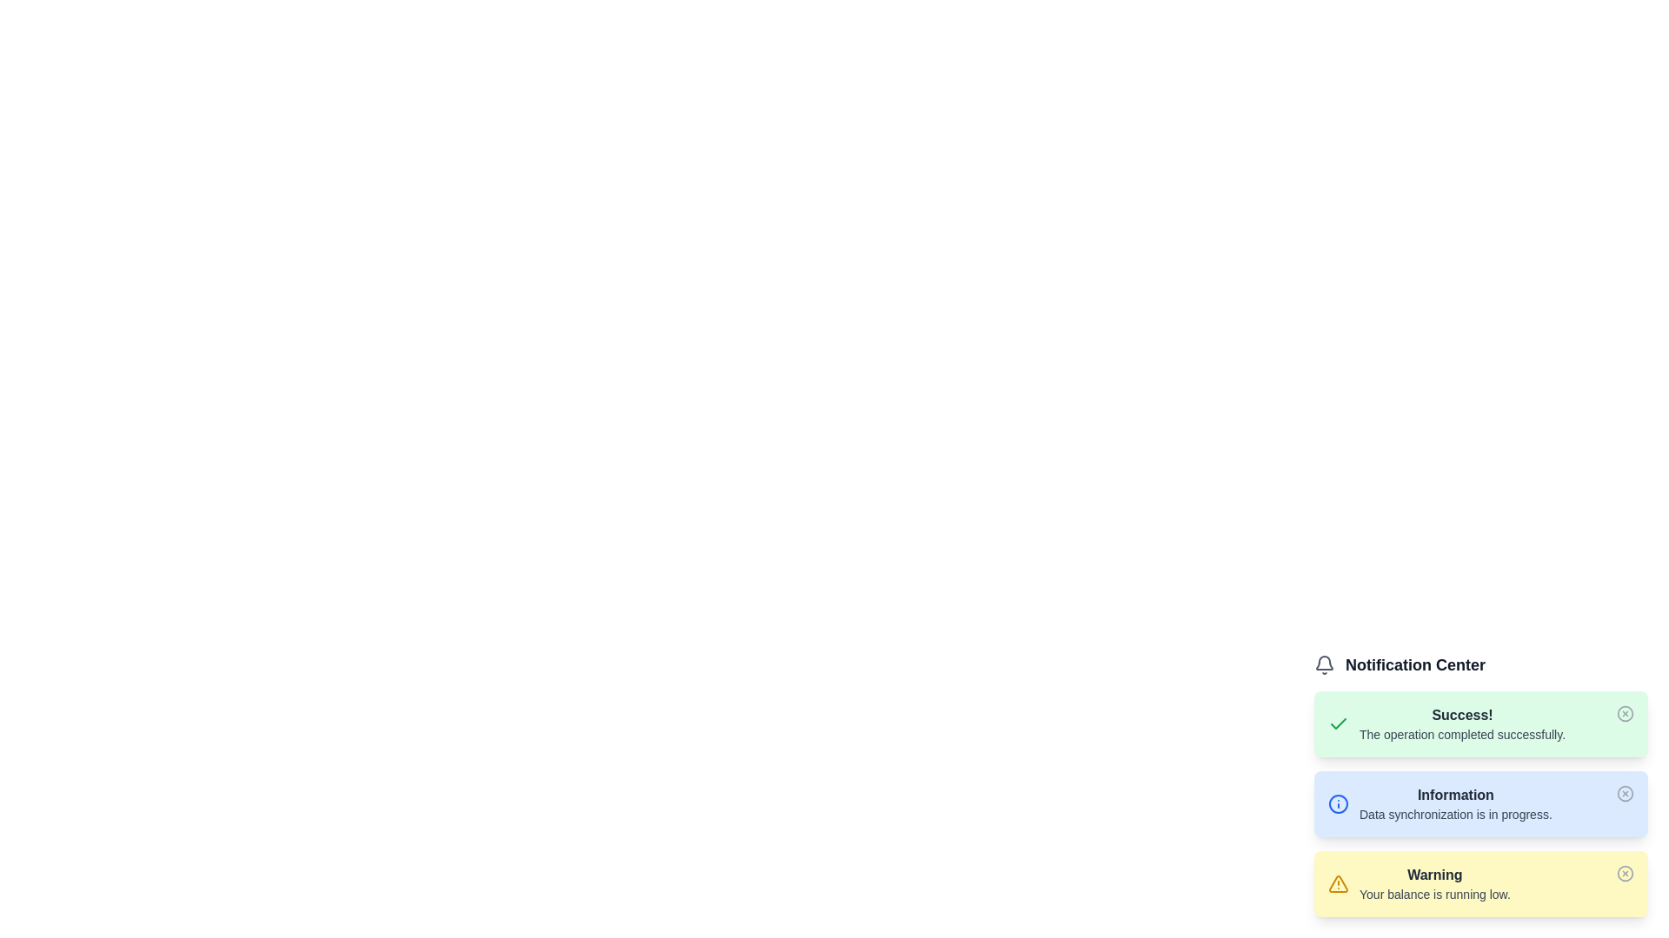 The width and height of the screenshot is (1669, 938). Describe the element at coordinates (1338, 803) in the screenshot. I see `the inner circular component of the 'Information' notification icon located in the middle of the notification list` at that location.